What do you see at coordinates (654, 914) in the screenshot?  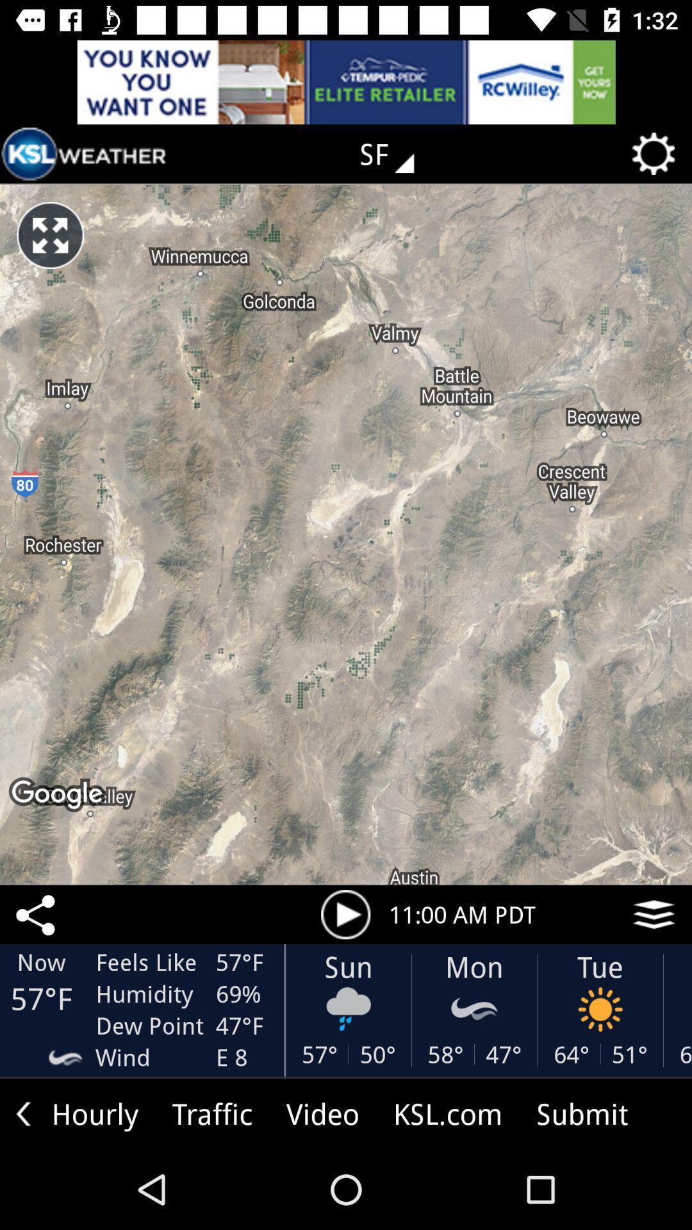 I see `the layers icon` at bounding box center [654, 914].